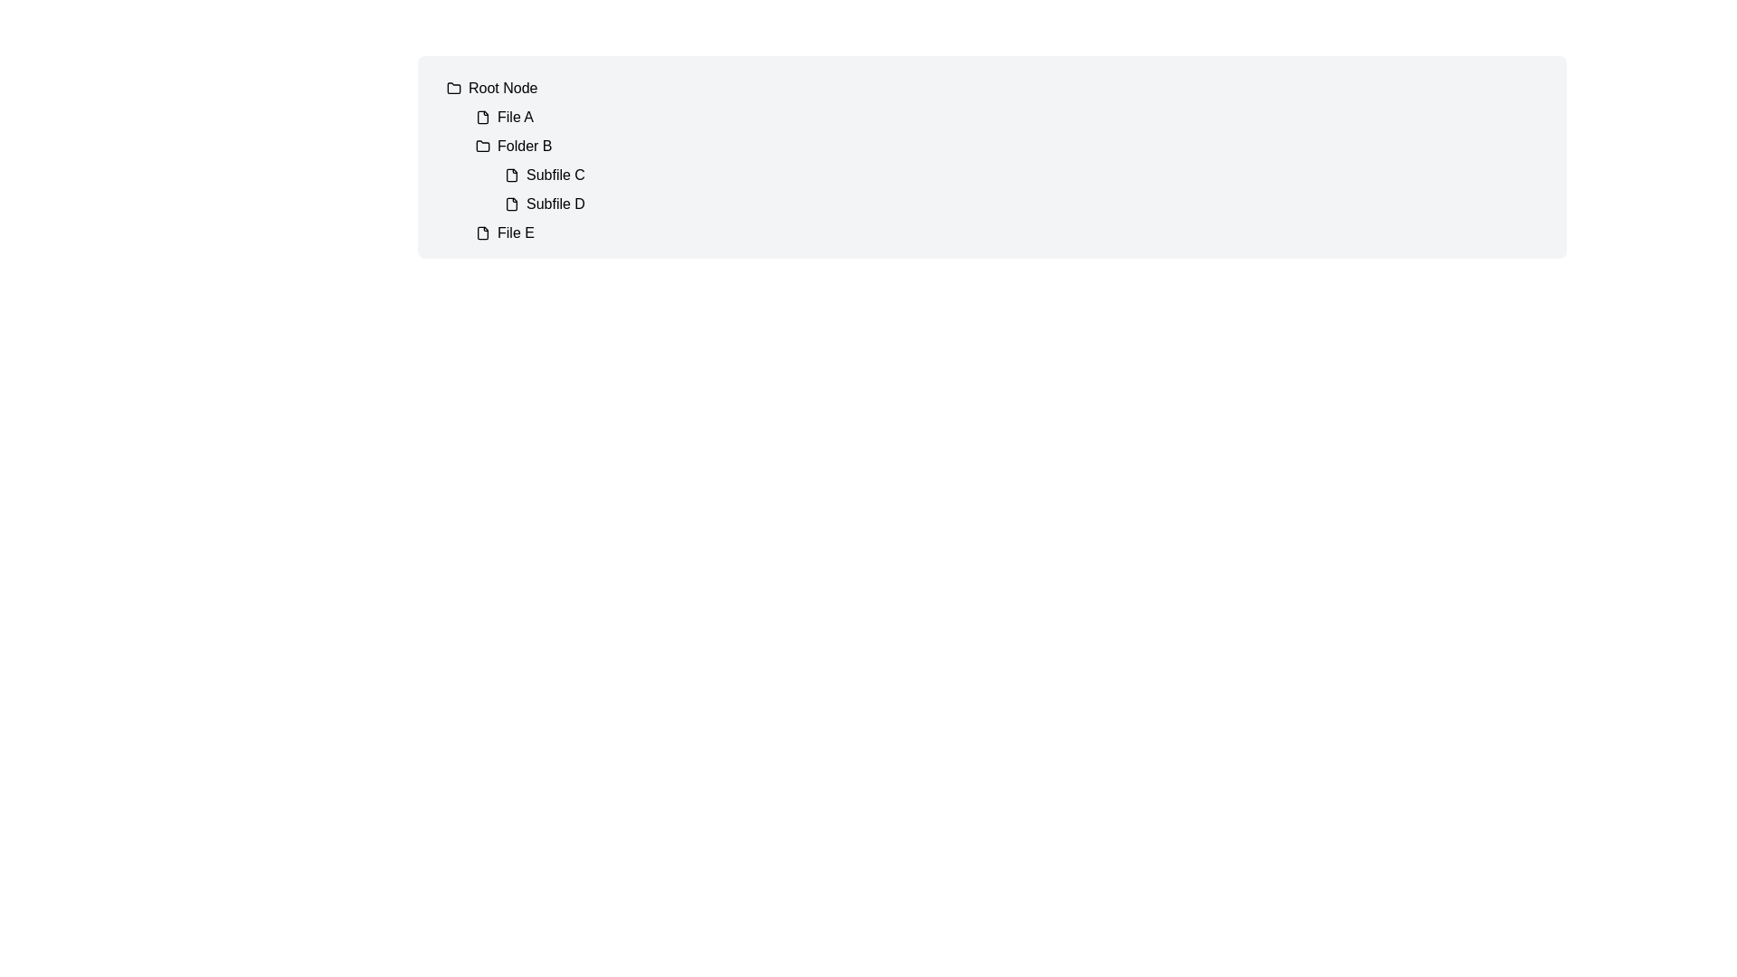  What do you see at coordinates (482, 145) in the screenshot?
I see `the 'Folder B' icon, which is a line-style folder icon located under the root node in the file explorer interface` at bounding box center [482, 145].